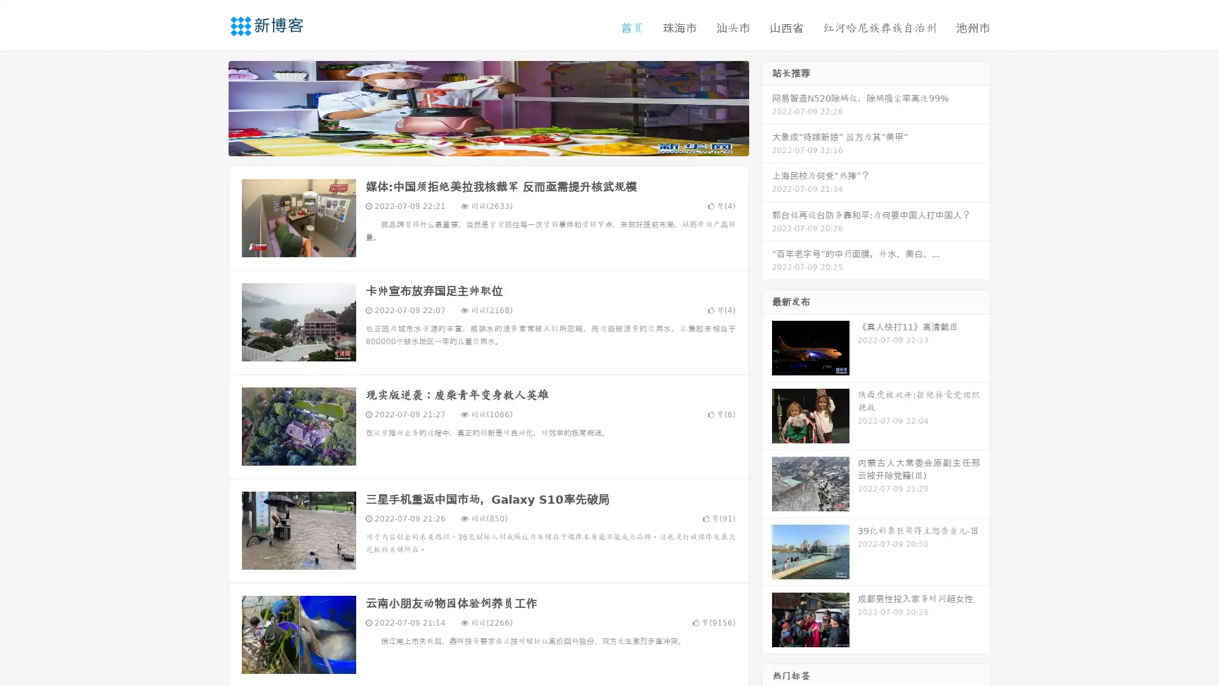 The width and height of the screenshot is (1219, 686). I want to click on Next slide, so click(767, 107).